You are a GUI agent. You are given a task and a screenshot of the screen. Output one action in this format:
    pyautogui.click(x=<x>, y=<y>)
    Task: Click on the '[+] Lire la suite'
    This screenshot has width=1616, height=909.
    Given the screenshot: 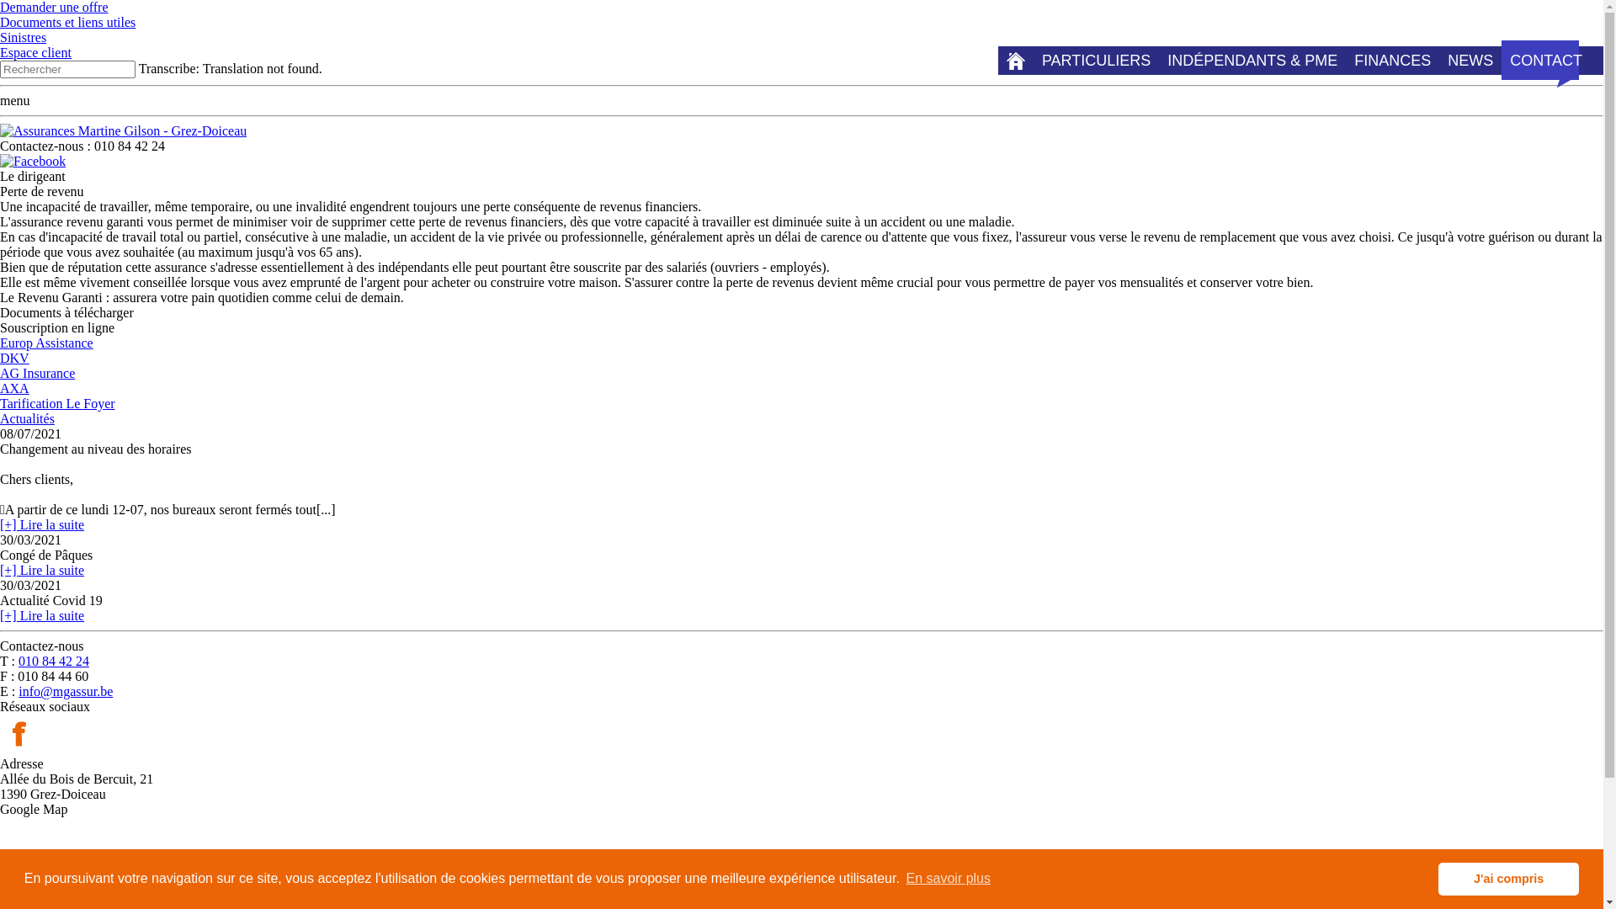 What is the action you would take?
    pyautogui.click(x=0, y=615)
    